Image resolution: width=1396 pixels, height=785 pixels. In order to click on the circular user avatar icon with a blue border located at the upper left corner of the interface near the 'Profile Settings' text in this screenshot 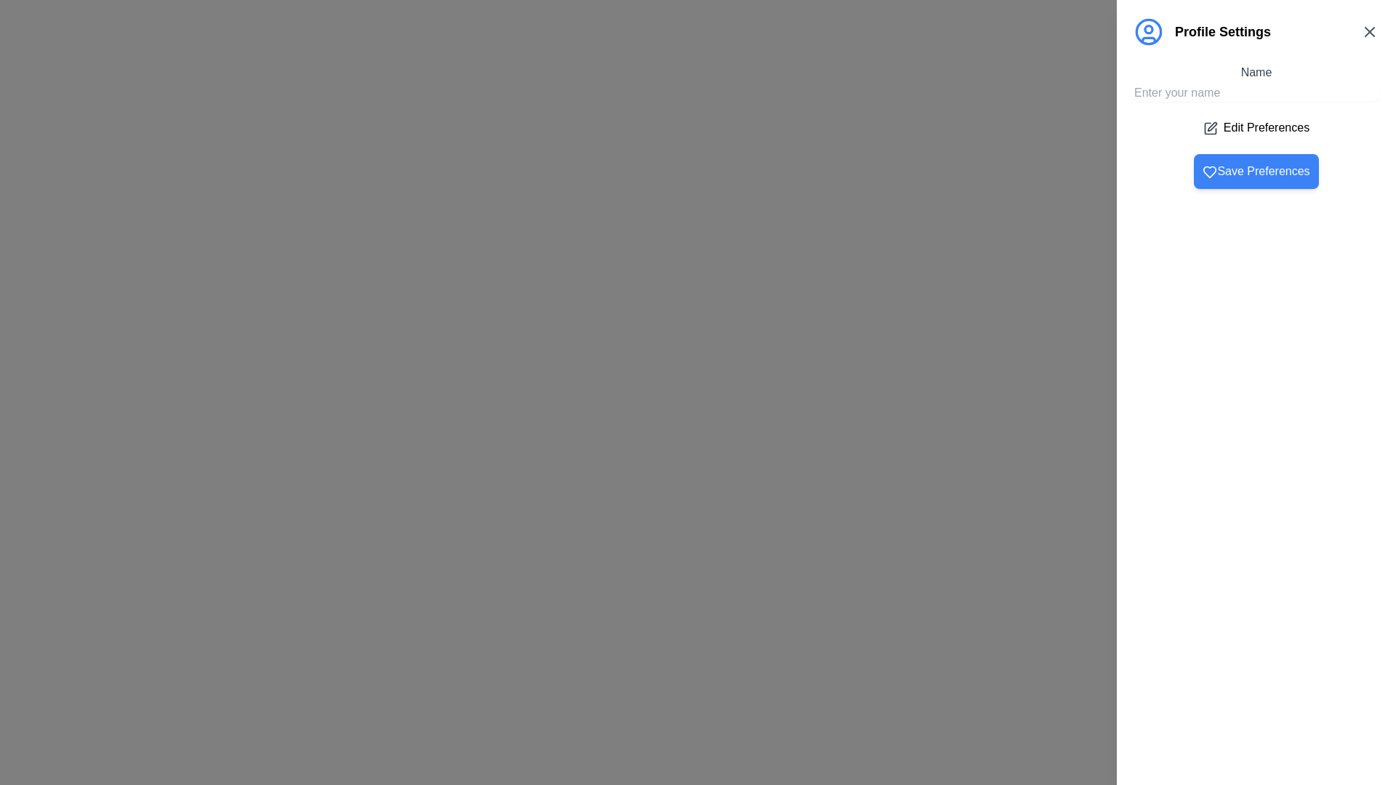, I will do `click(1147, 31)`.